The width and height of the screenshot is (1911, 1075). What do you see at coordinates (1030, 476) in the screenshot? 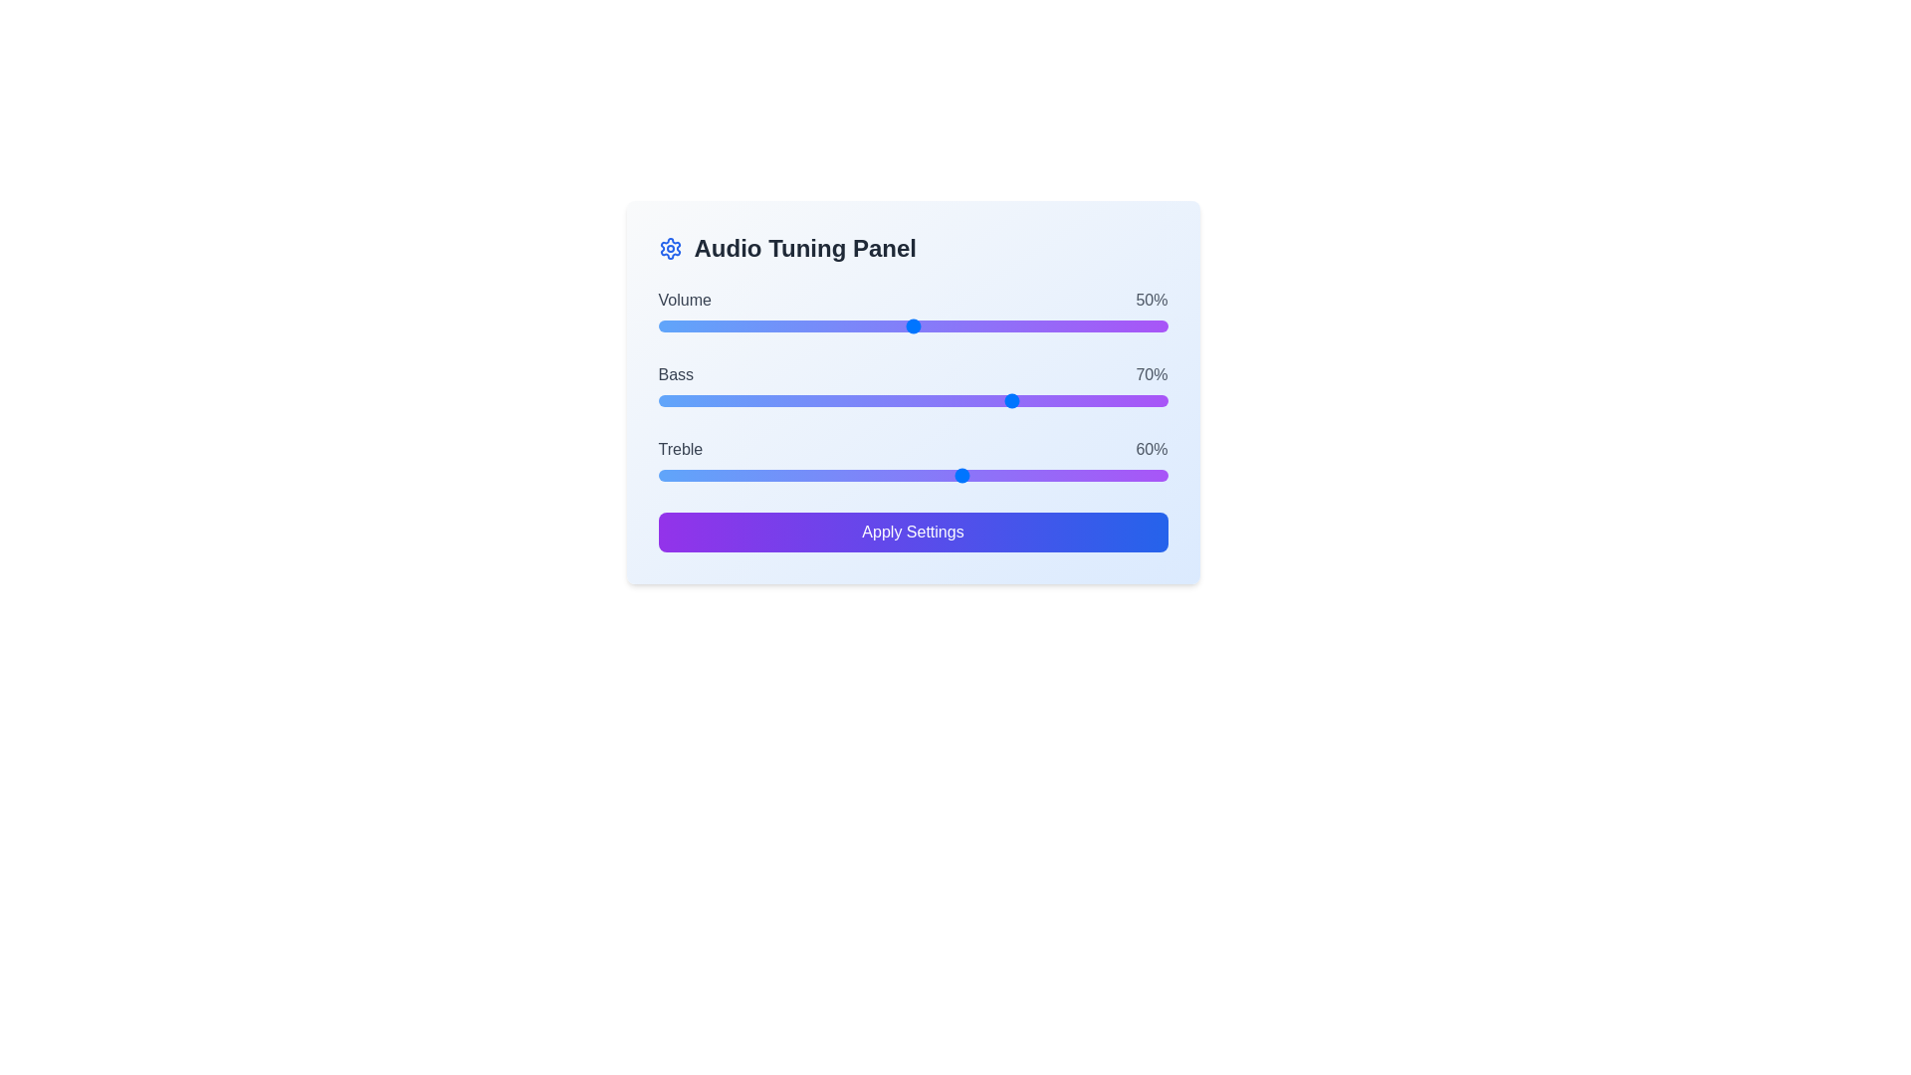
I see `the slider's value` at bounding box center [1030, 476].